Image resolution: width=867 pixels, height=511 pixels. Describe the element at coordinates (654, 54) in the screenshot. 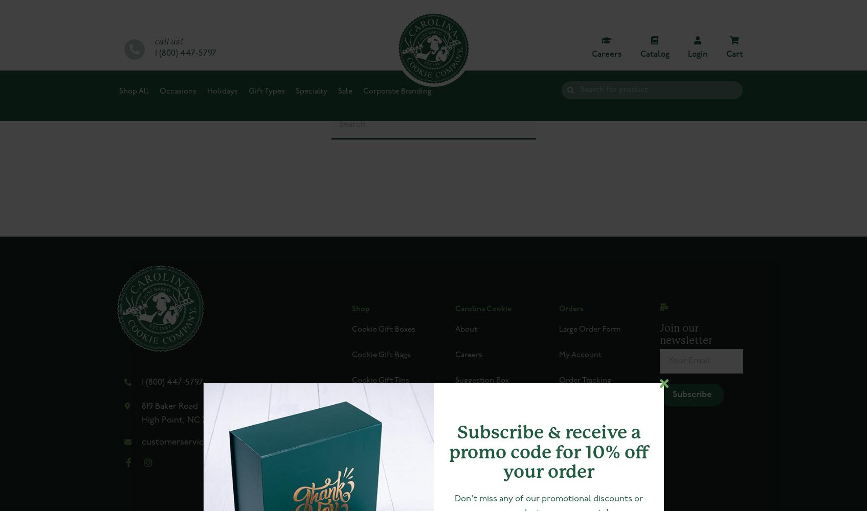

I see `'Catalog'` at that location.